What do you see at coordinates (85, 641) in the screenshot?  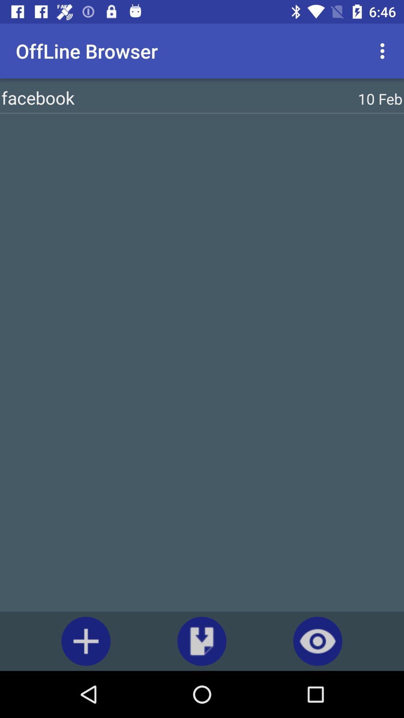 I see `the add icon` at bounding box center [85, 641].